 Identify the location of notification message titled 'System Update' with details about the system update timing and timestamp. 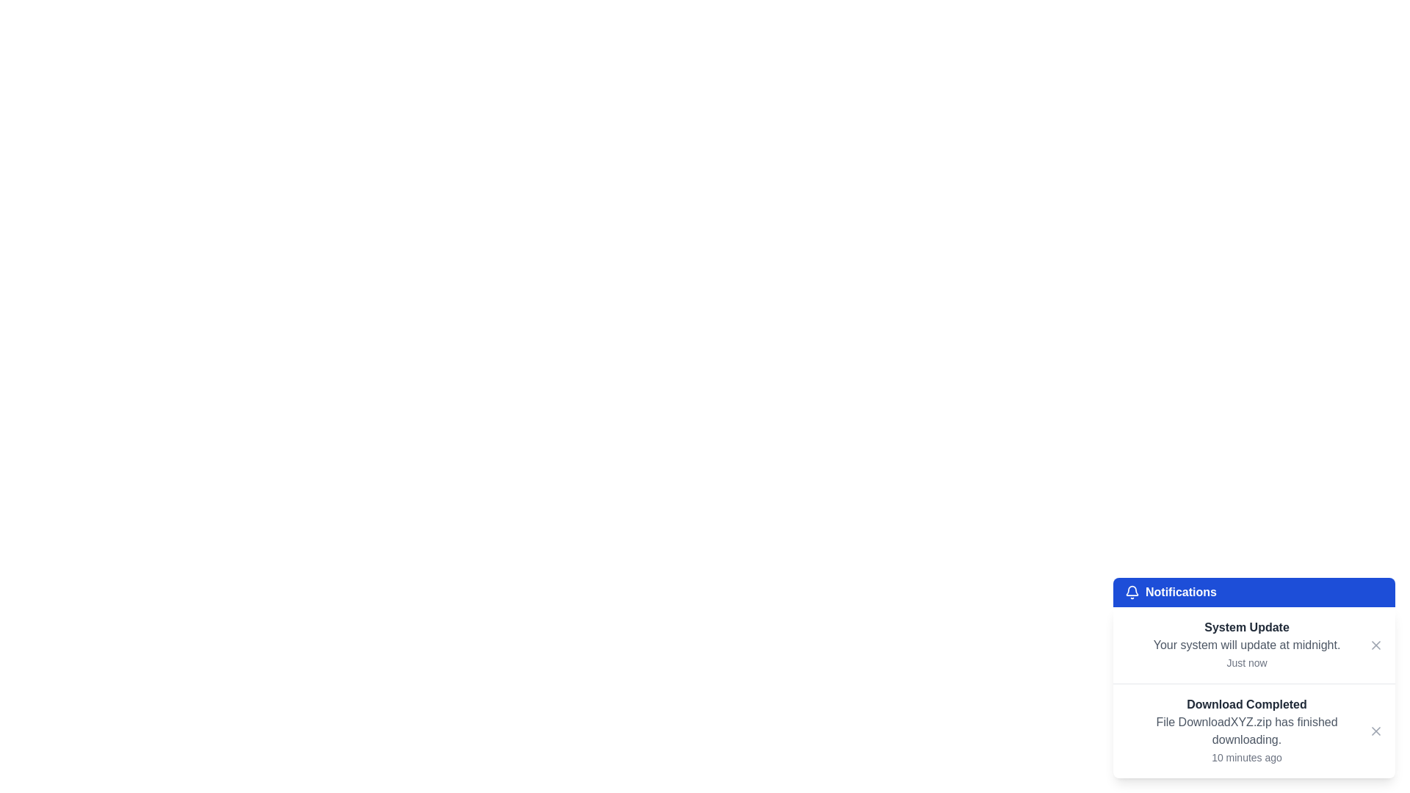
(1246, 645).